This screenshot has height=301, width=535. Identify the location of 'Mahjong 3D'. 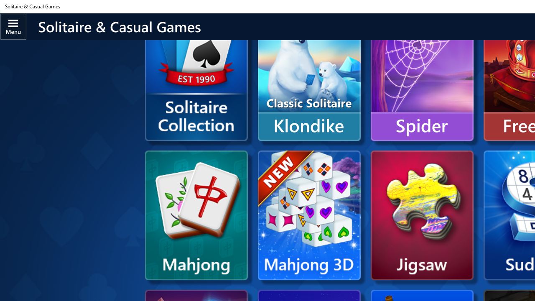
(308, 215).